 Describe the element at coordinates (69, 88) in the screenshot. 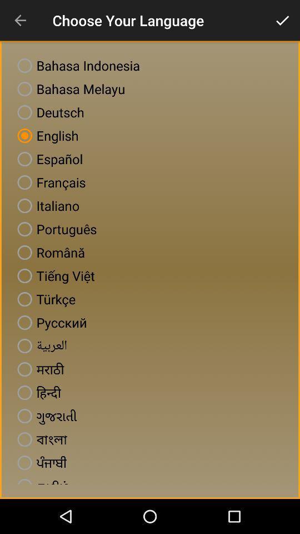

I see `the bahasa melayu icon` at that location.